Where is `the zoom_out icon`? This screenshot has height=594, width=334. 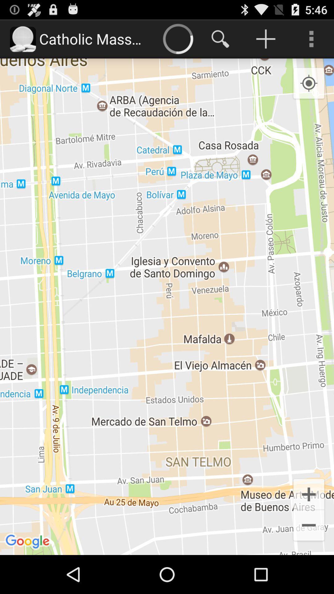 the zoom_out icon is located at coordinates (309, 563).